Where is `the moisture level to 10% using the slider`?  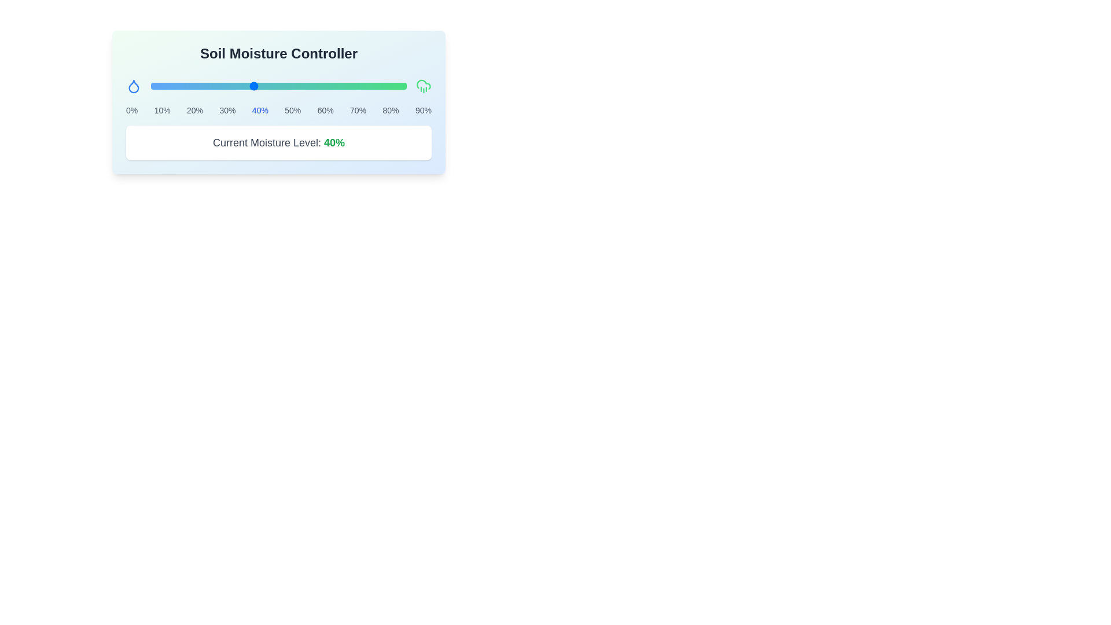
the moisture level to 10% using the slider is located at coordinates (176, 86).